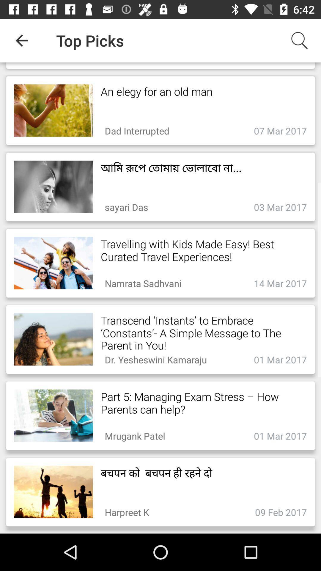  What do you see at coordinates (137, 129) in the screenshot?
I see `the dad interrupted` at bounding box center [137, 129].